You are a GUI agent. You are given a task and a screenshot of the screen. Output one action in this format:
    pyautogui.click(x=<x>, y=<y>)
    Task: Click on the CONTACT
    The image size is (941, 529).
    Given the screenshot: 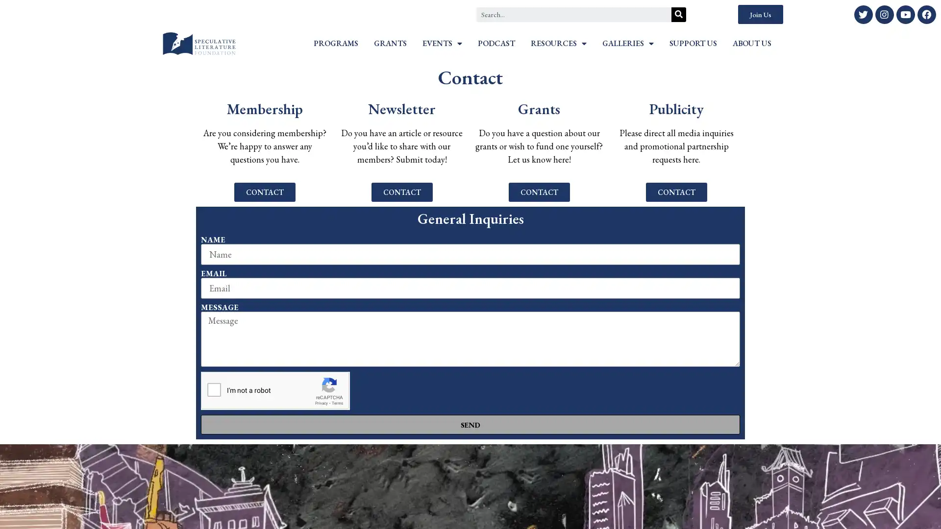 What is the action you would take?
    pyautogui.click(x=264, y=192)
    